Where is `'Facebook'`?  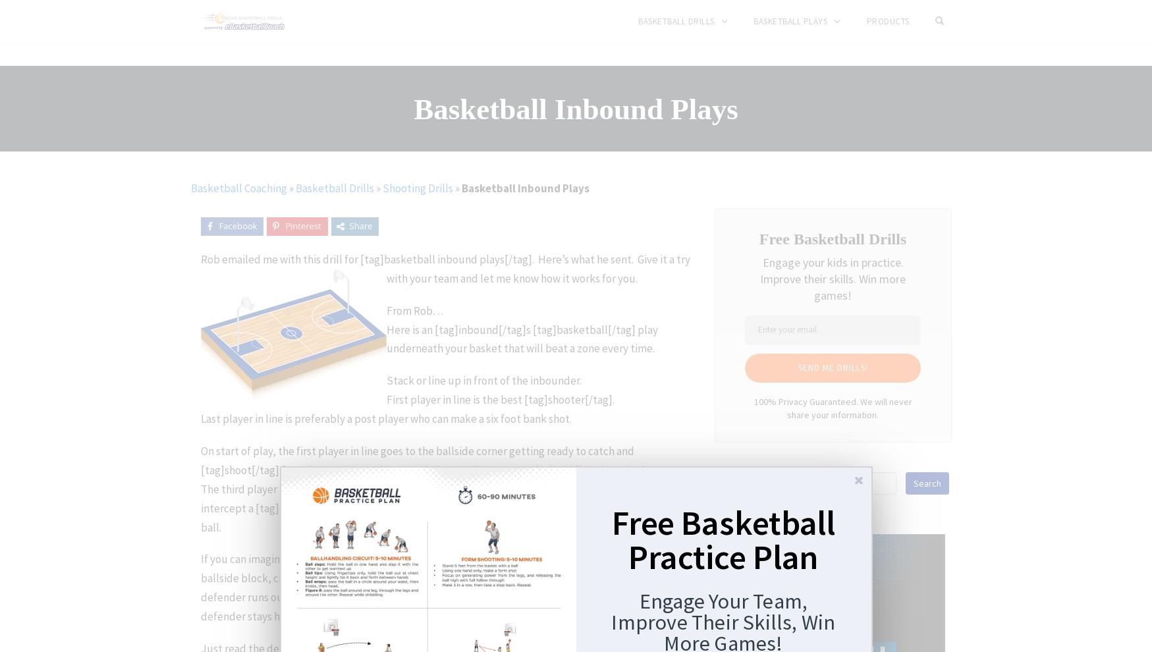
'Facebook' is located at coordinates (217, 225).